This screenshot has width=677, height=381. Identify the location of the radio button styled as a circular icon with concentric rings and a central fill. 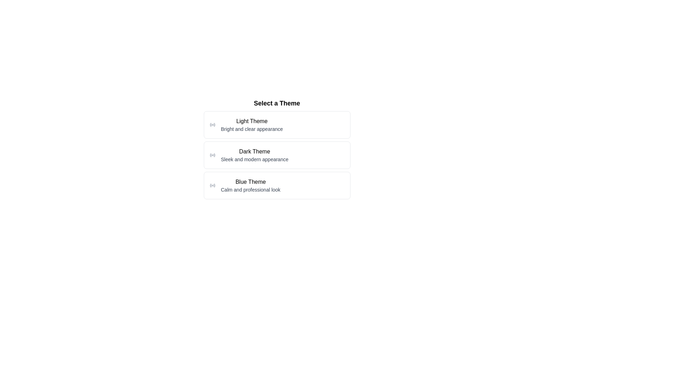
(212, 185).